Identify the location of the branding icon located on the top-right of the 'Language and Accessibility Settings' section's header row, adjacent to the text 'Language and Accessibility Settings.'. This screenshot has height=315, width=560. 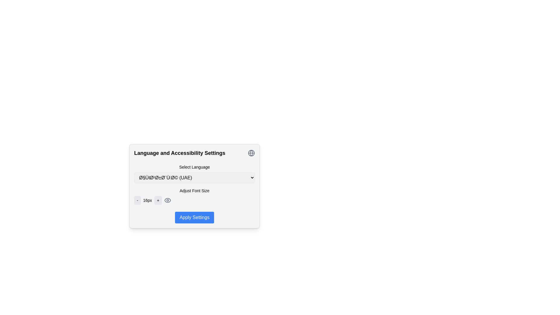
(251, 153).